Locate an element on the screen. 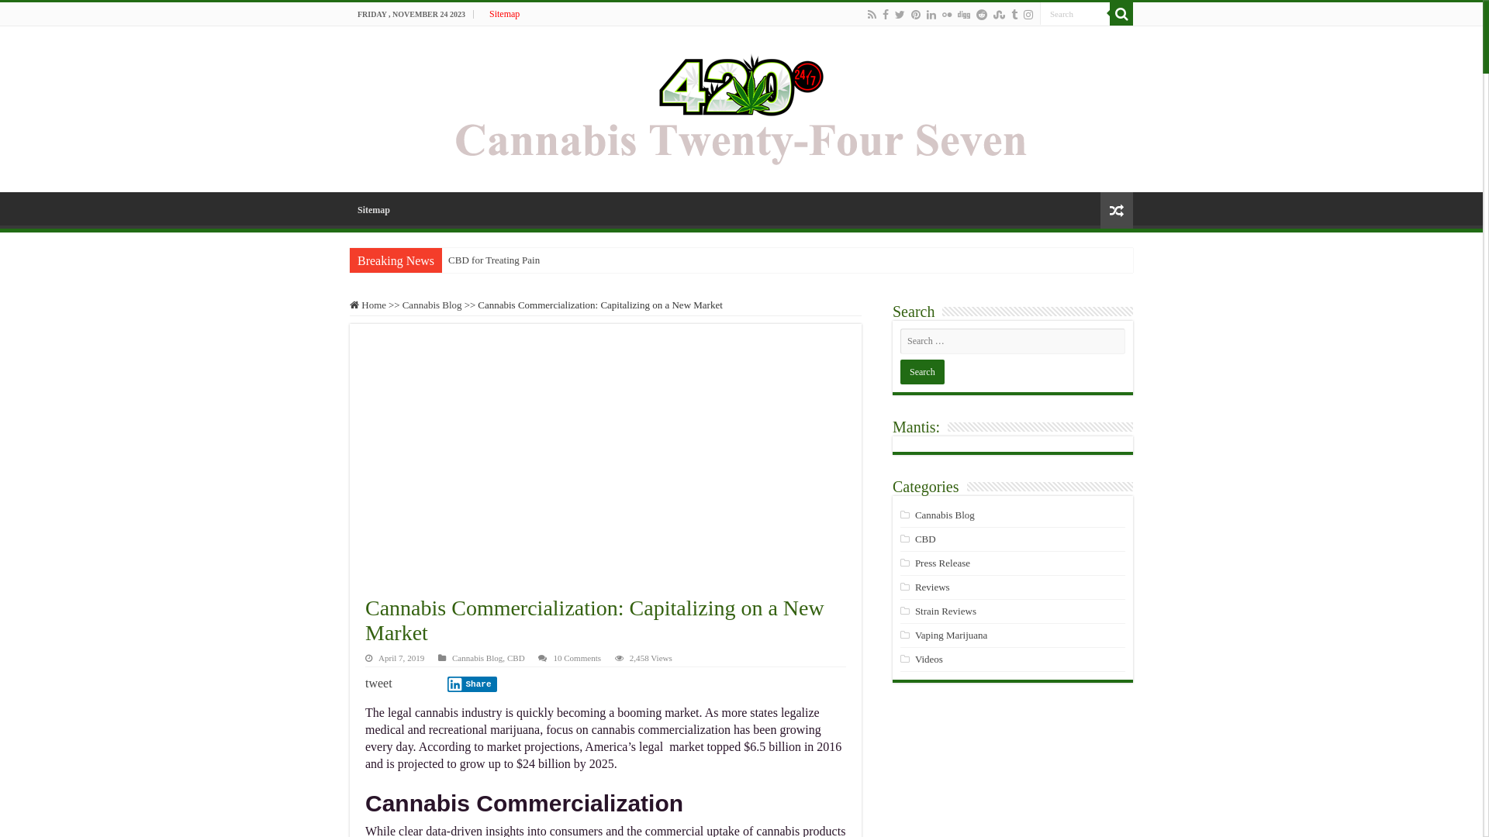 The width and height of the screenshot is (1489, 837). 'Search' is located at coordinates (1108, 14).